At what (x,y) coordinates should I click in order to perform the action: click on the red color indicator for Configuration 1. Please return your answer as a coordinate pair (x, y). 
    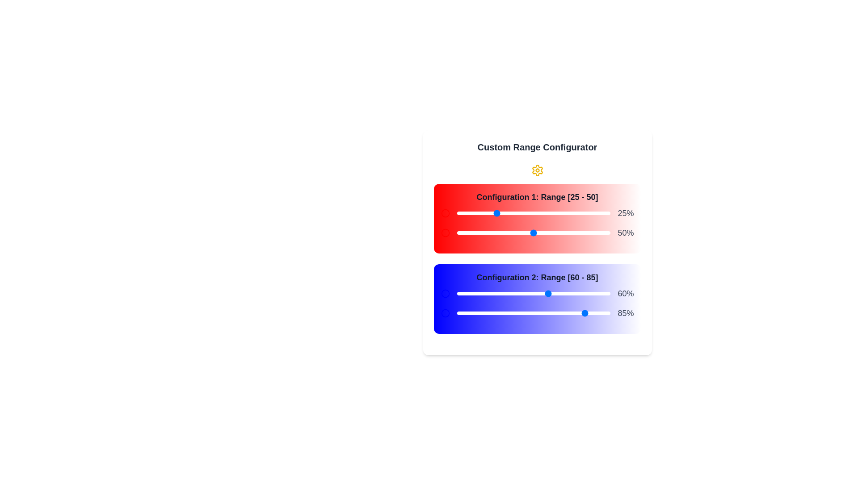
    Looking at the image, I should click on (445, 213).